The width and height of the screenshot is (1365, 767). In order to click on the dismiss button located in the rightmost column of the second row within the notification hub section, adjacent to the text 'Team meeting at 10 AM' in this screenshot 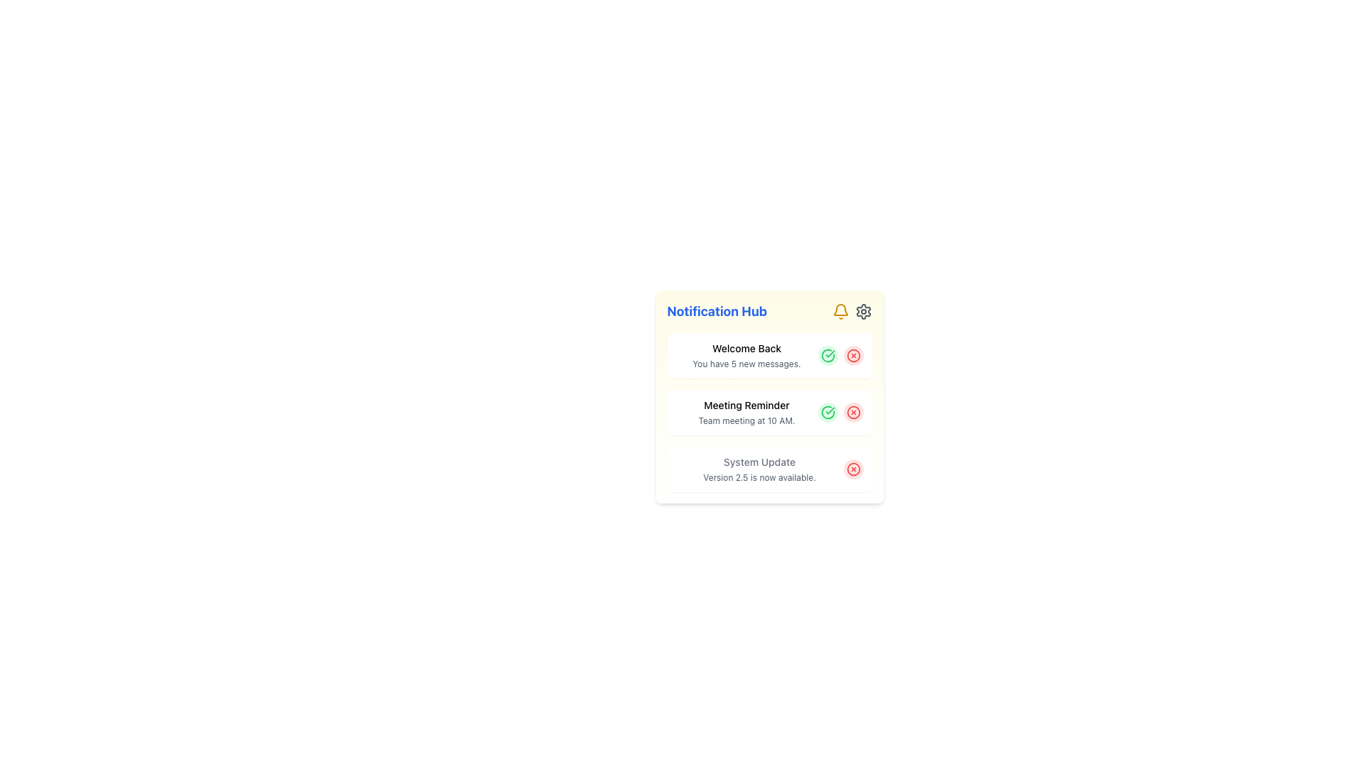, I will do `click(853, 413)`.